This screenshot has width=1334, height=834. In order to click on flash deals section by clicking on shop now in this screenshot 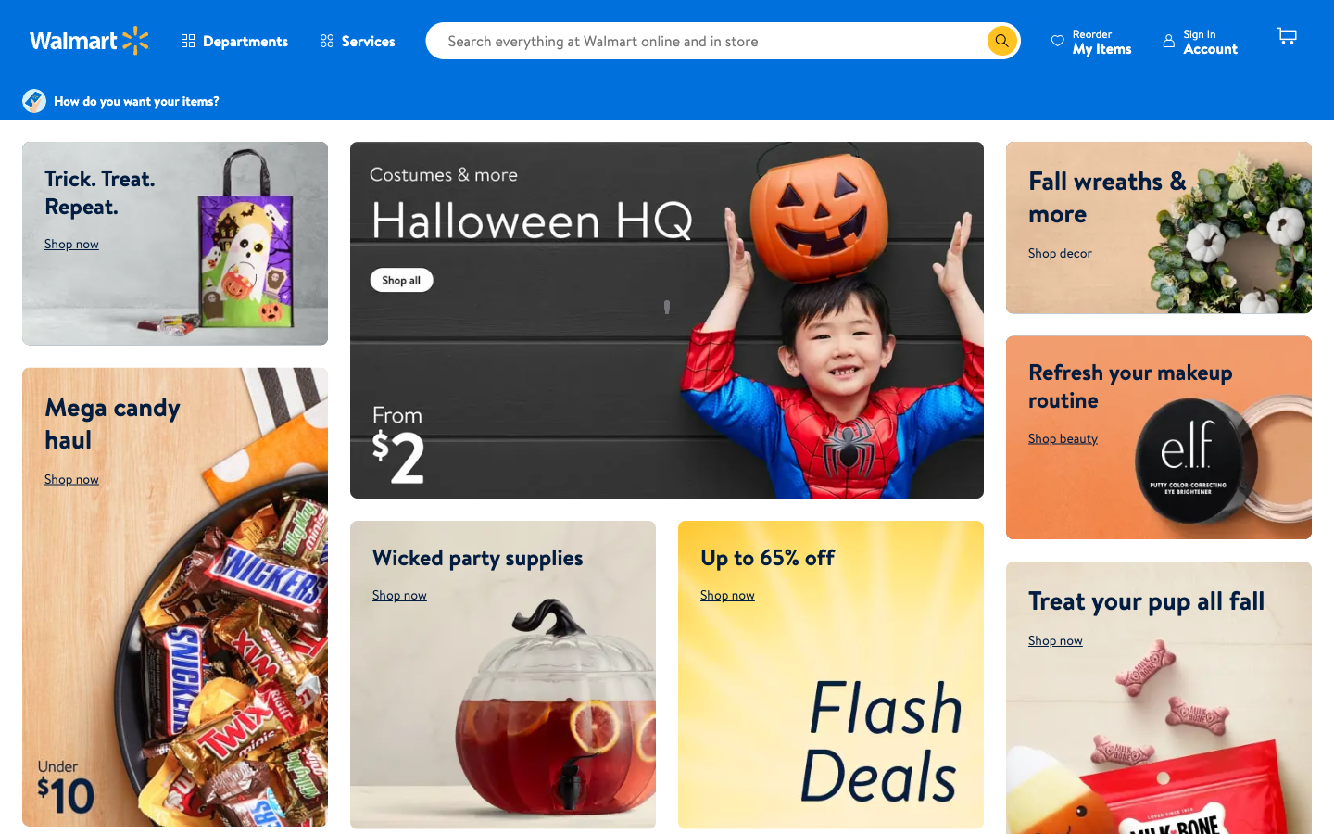, I will do `click(727, 594)`.